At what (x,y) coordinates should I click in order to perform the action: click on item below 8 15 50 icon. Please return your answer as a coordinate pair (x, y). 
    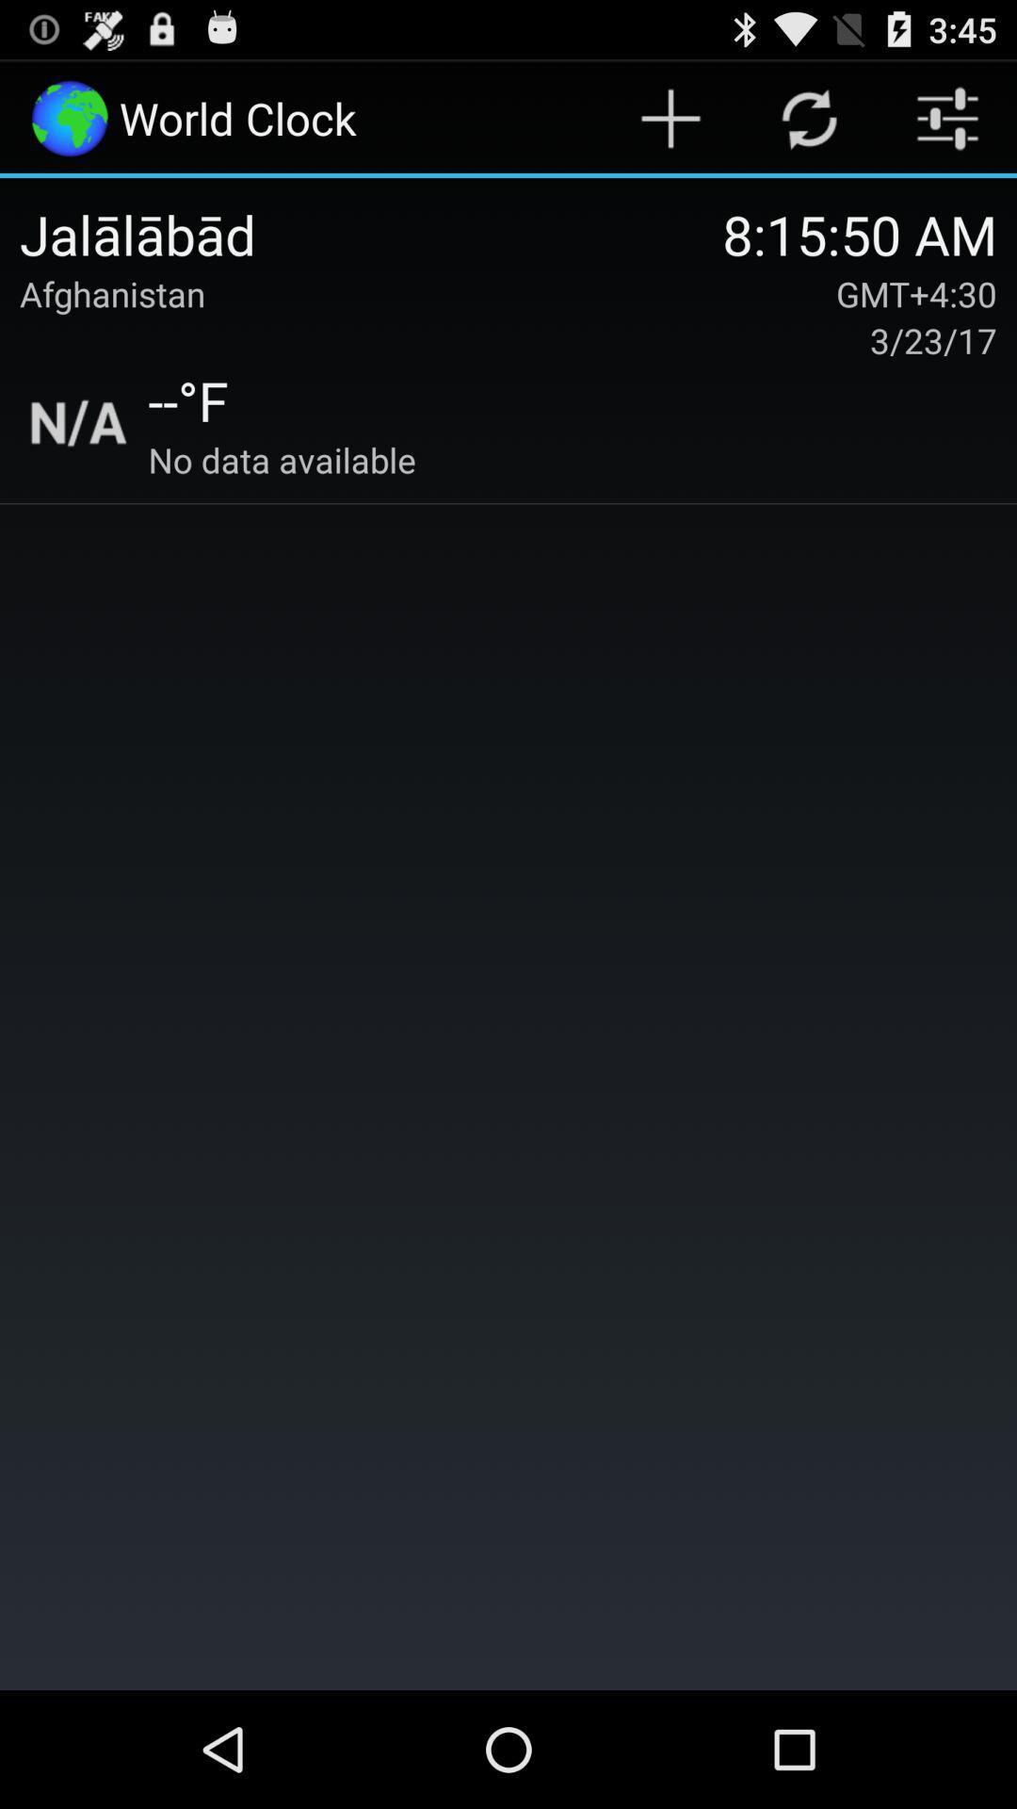
    Looking at the image, I should click on (915, 293).